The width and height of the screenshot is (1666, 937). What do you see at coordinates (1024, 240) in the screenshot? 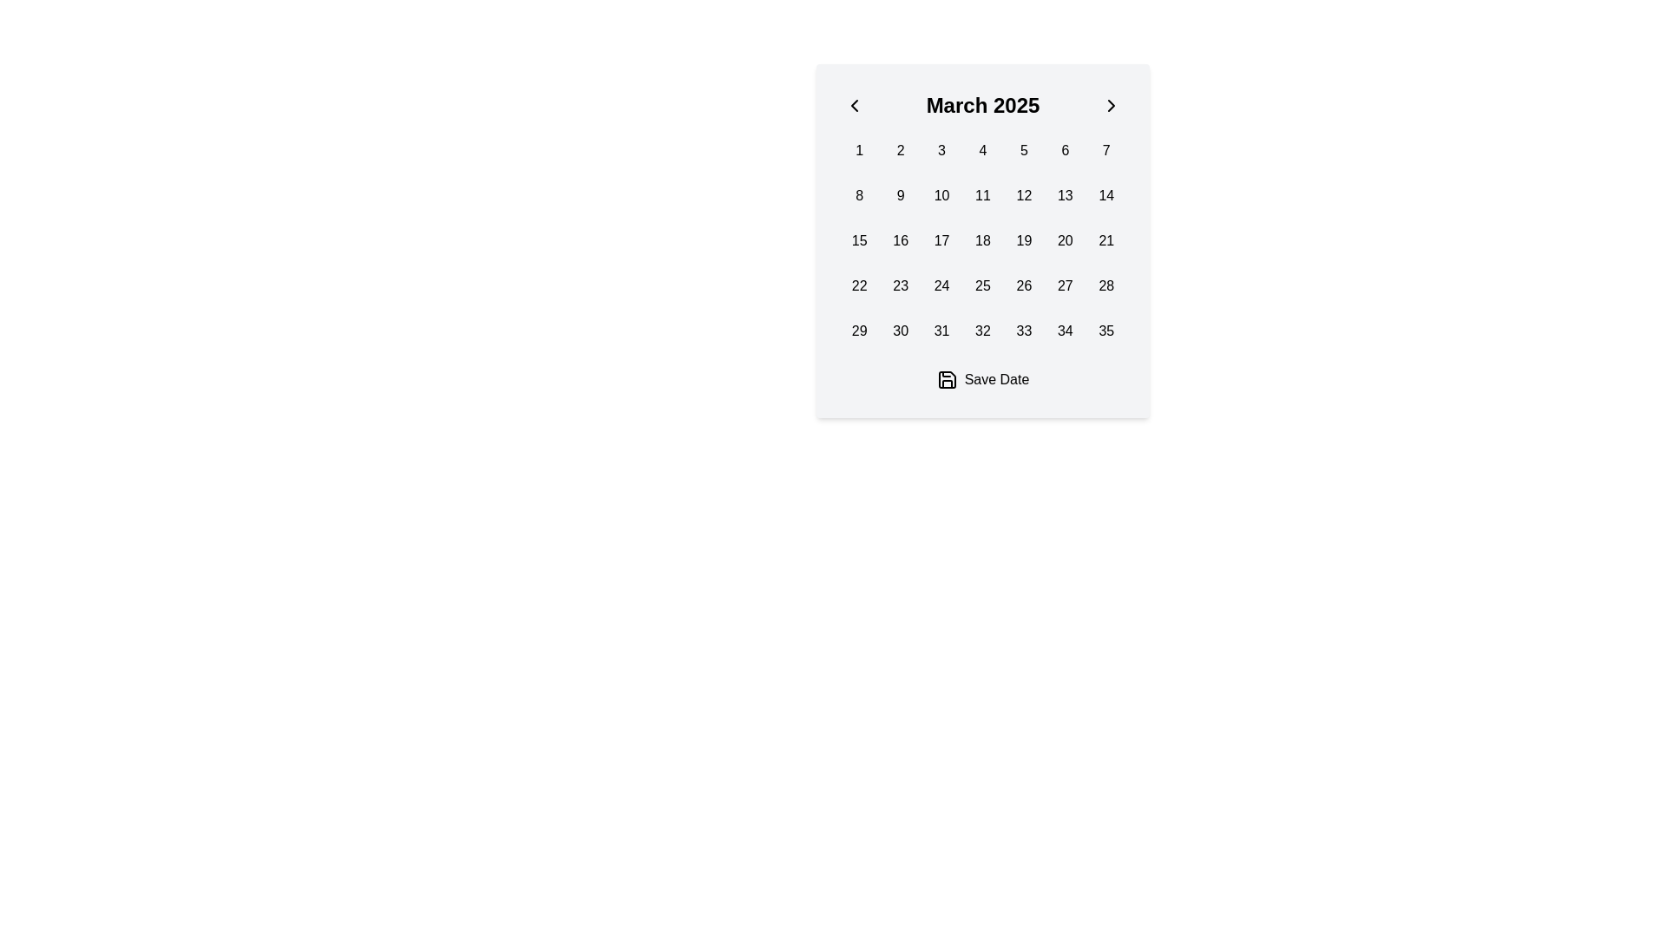
I see `the square button labeled '19', which is the fifth button from the left on the third row of the calendar grid` at bounding box center [1024, 240].